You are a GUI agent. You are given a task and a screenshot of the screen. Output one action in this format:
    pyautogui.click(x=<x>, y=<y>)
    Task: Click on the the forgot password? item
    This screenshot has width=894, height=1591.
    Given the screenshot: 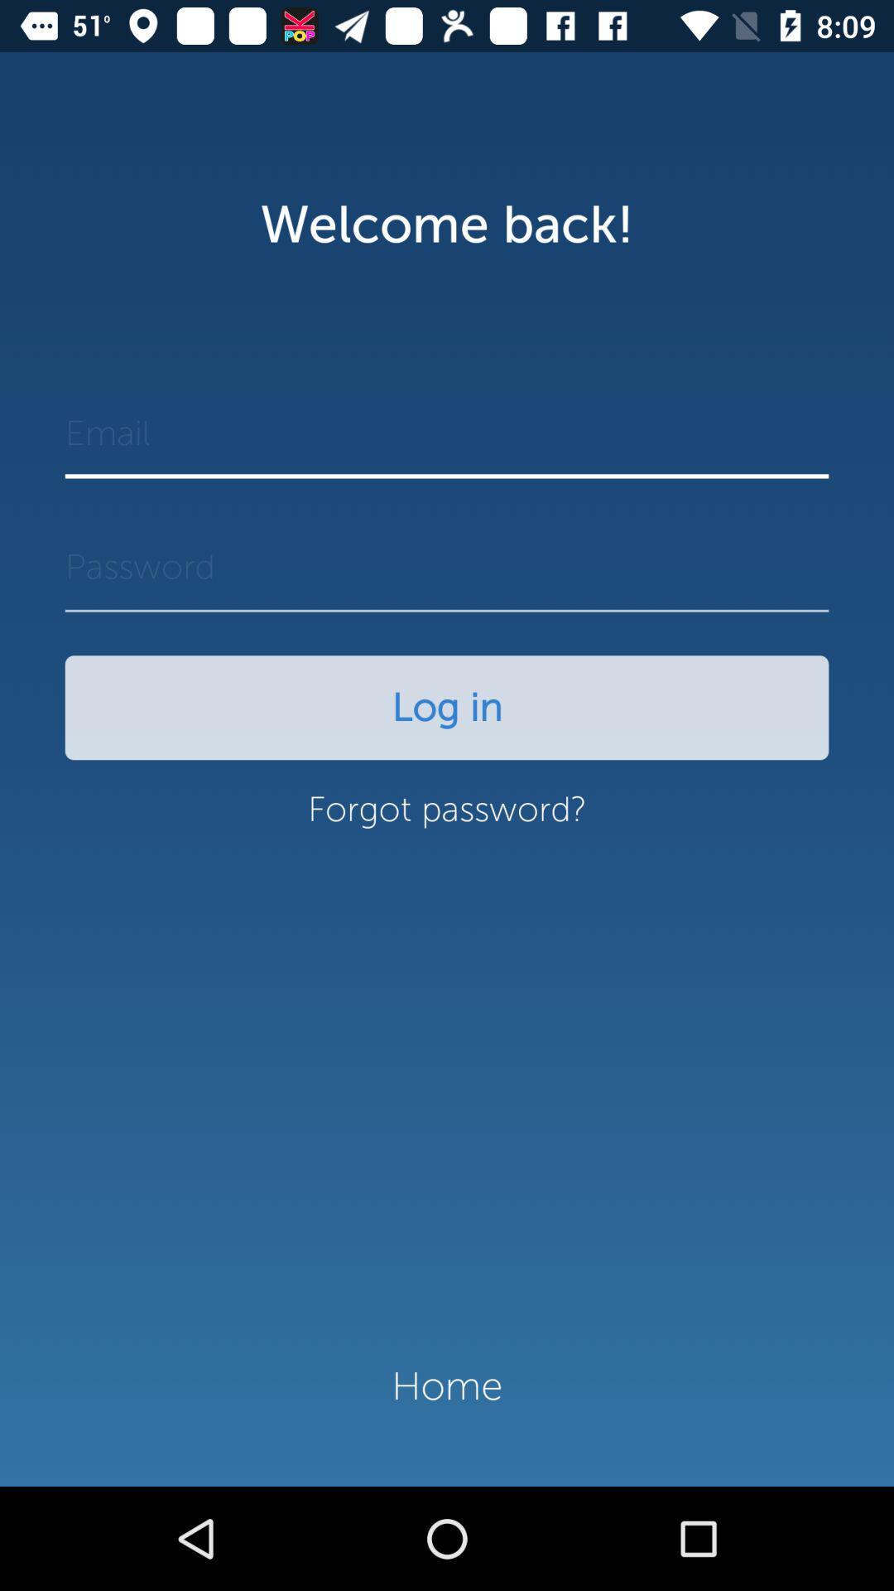 What is the action you would take?
    pyautogui.click(x=447, y=818)
    